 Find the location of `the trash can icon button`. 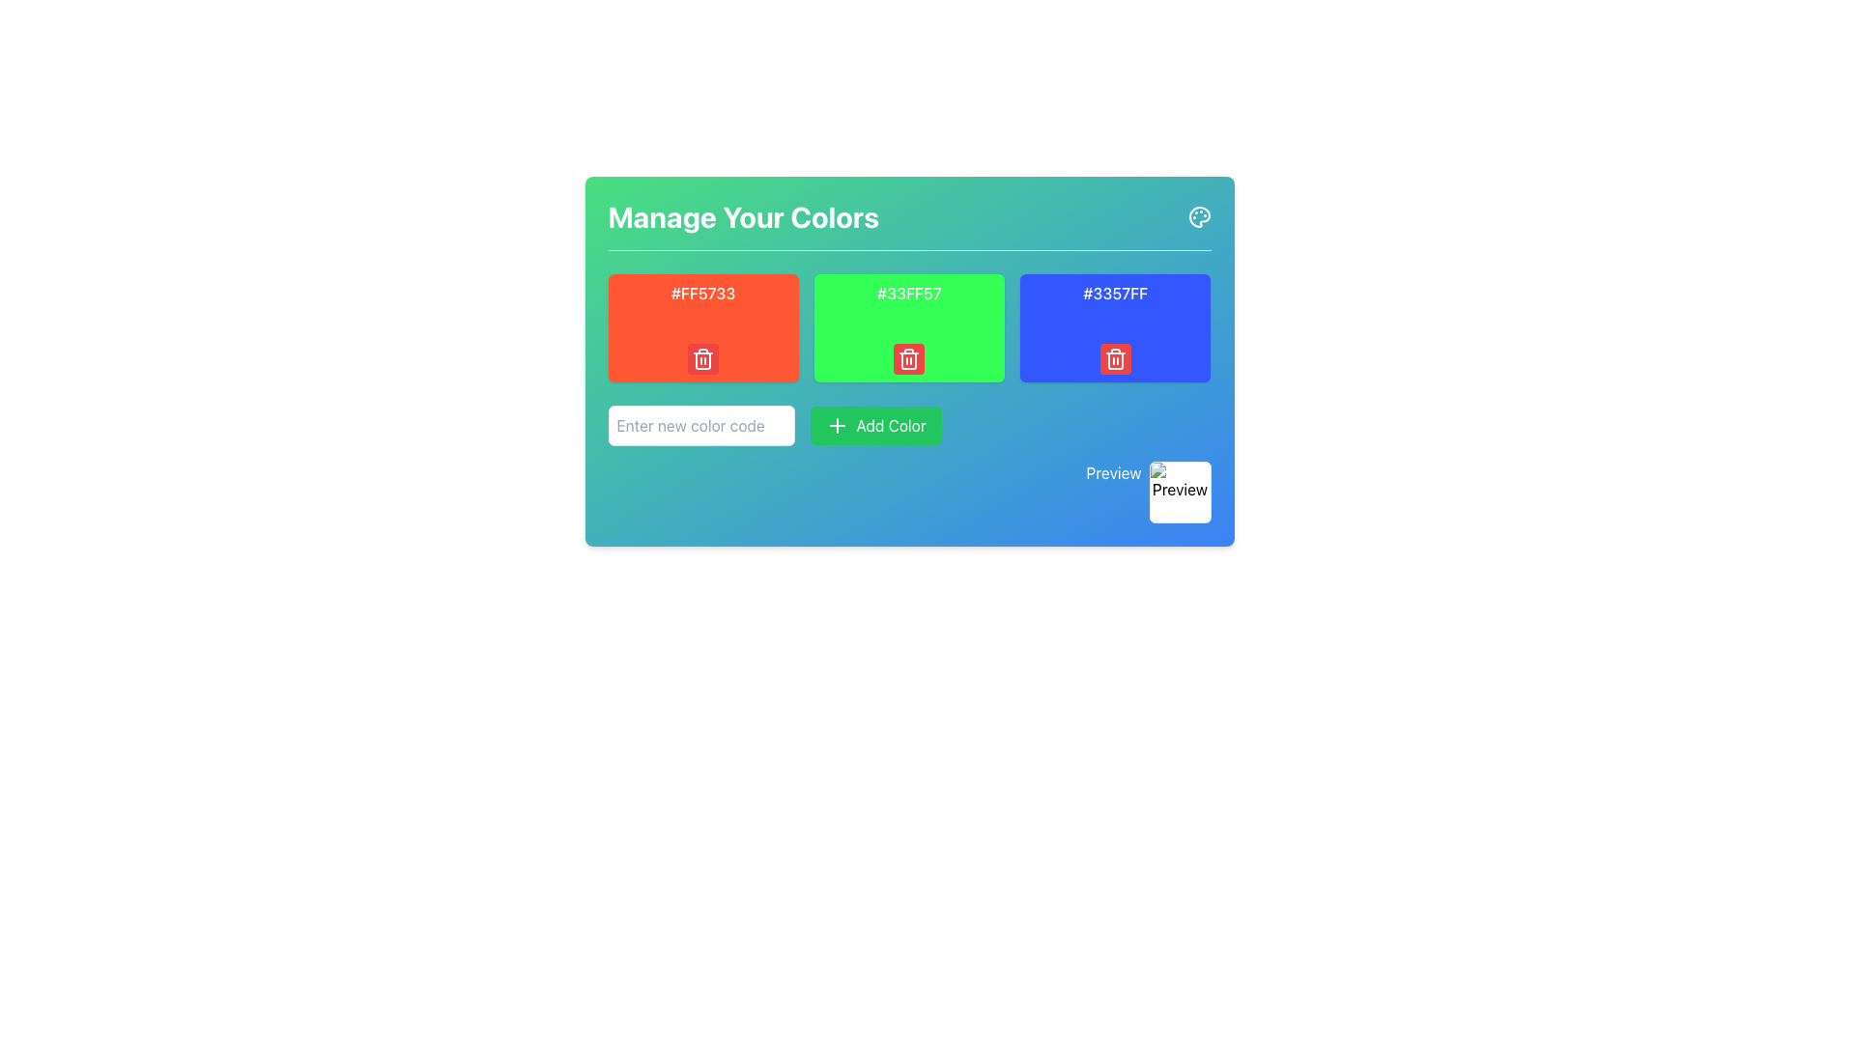

the trash can icon button is located at coordinates (702, 358).